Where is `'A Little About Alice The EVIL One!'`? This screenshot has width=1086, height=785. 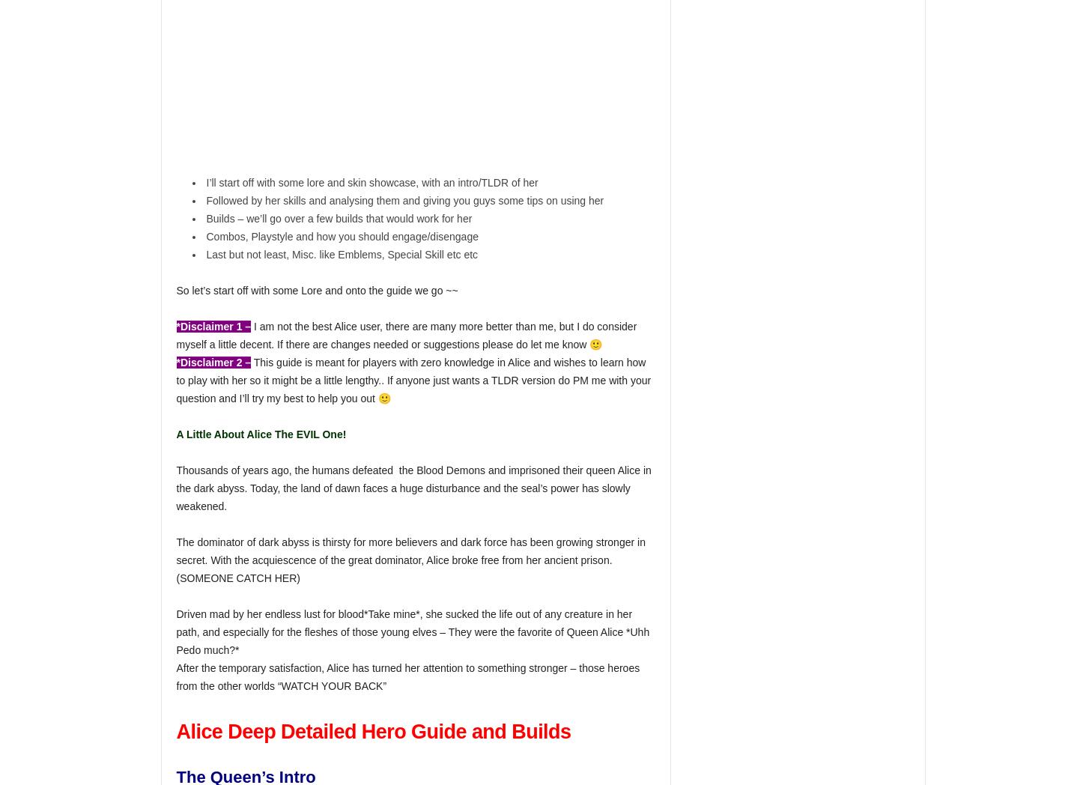
'A Little About Alice The EVIL One!' is located at coordinates (261, 434).